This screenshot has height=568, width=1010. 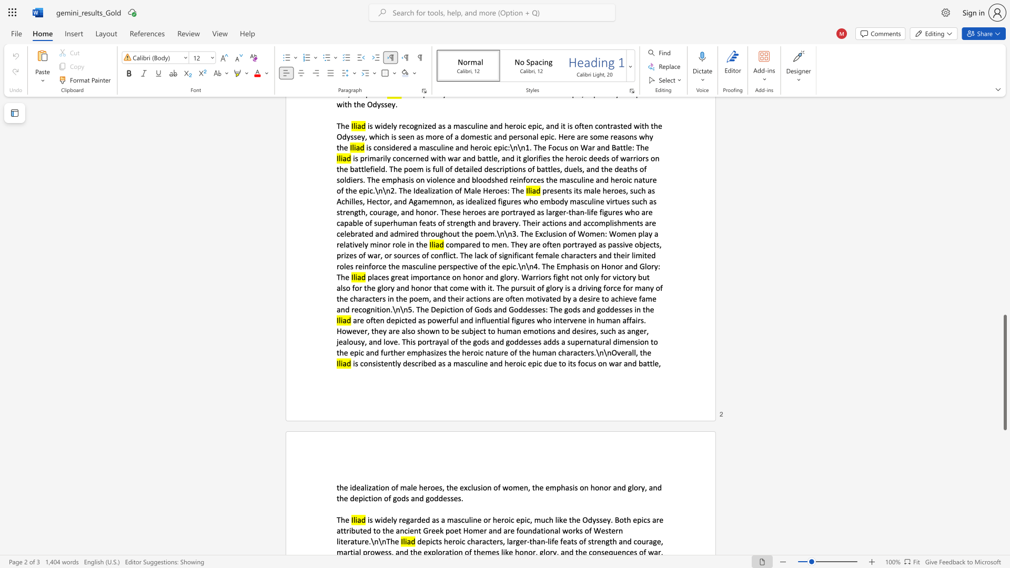 I want to click on the scrollbar to slide the page up, so click(x=1004, y=267).